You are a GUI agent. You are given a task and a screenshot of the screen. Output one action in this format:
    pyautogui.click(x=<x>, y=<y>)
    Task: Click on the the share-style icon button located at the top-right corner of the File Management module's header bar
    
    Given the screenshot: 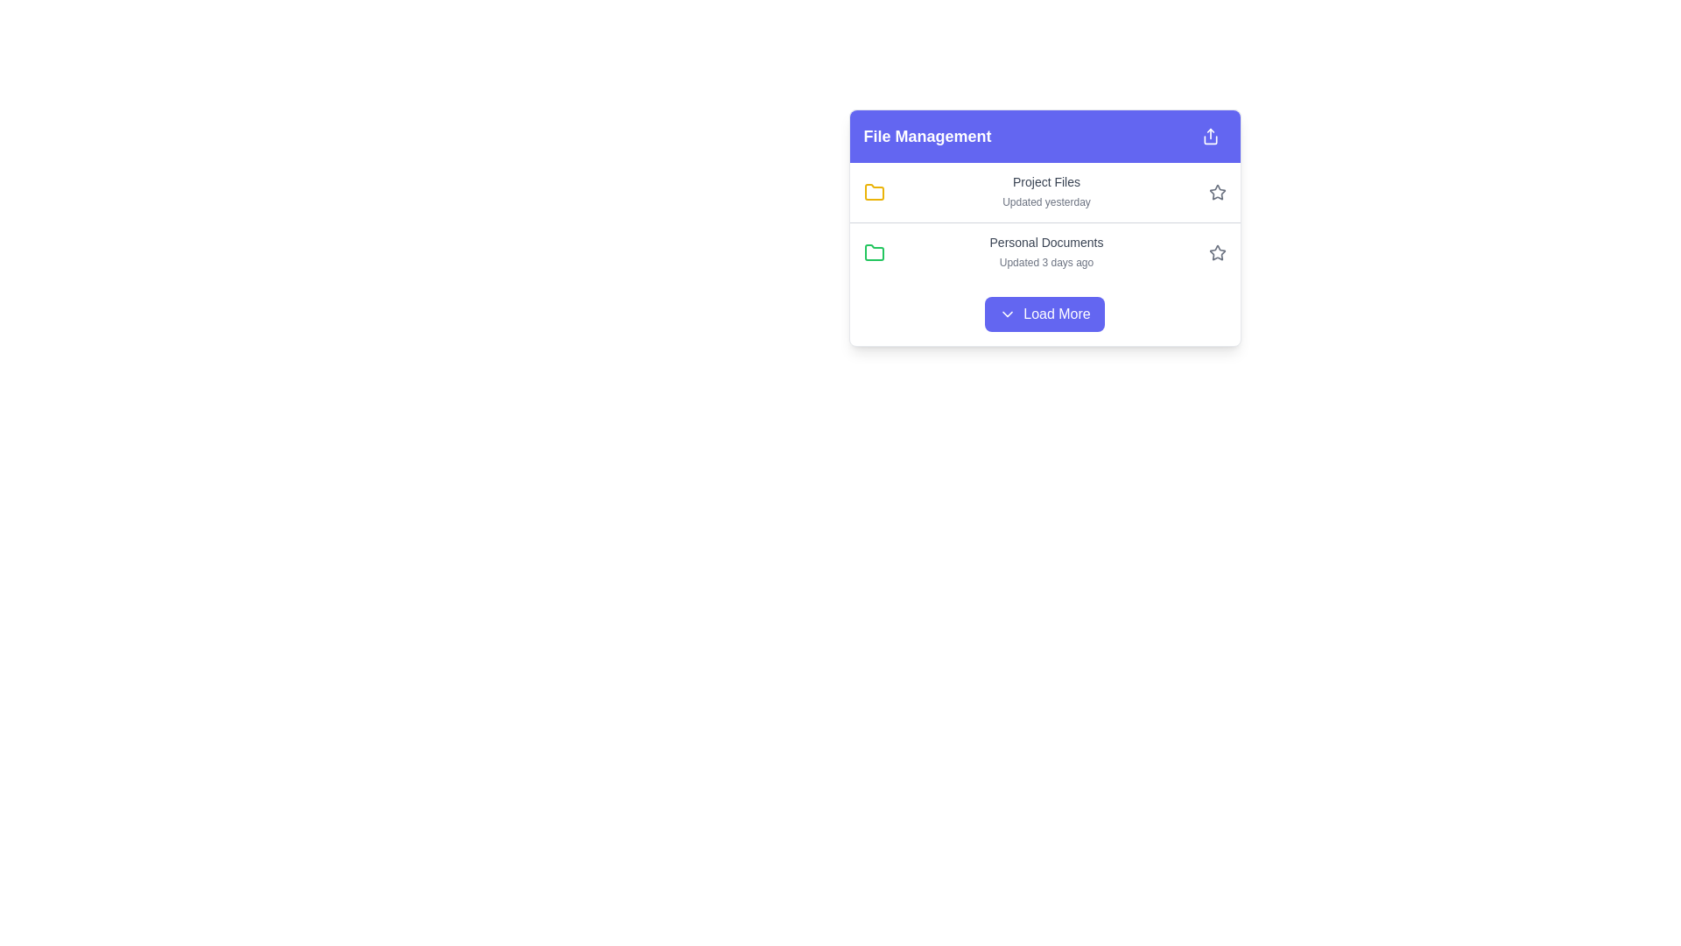 What is the action you would take?
    pyautogui.click(x=1209, y=135)
    